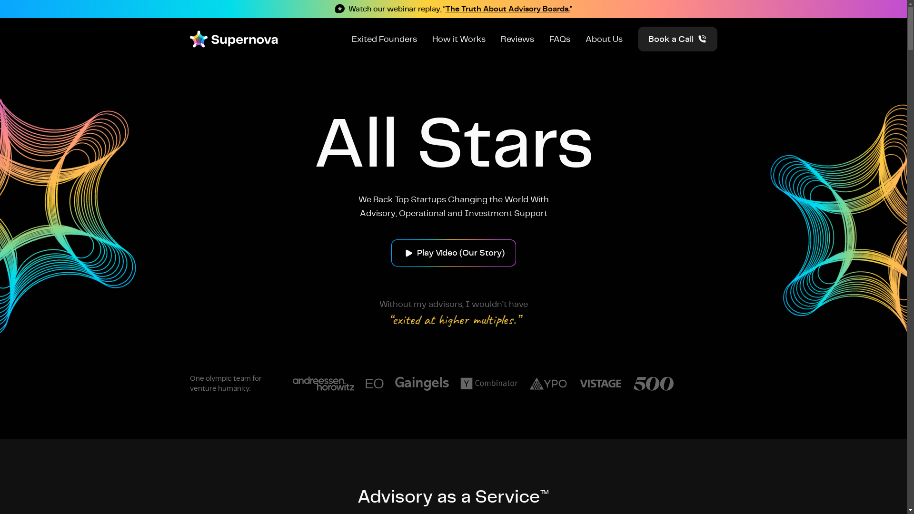 The image size is (914, 514). What do you see at coordinates (560, 38) in the screenshot?
I see `'FAQs'` at bounding box center [560, 38].